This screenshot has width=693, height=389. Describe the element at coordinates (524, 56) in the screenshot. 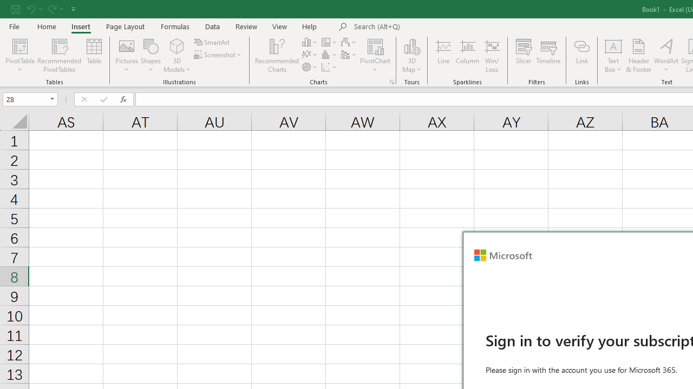

I see `'Slicer...'` at that location.